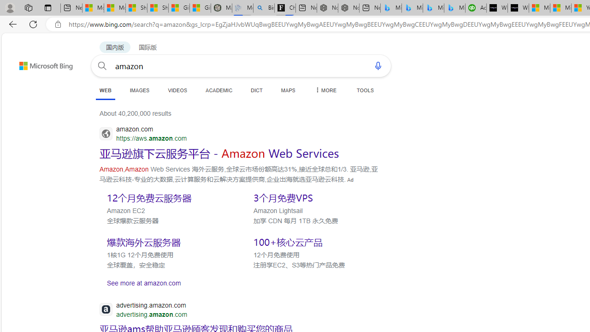  Describe the element at coordinates (177, 90) in the screenshot. I see `'VIDEOS'` at that location.